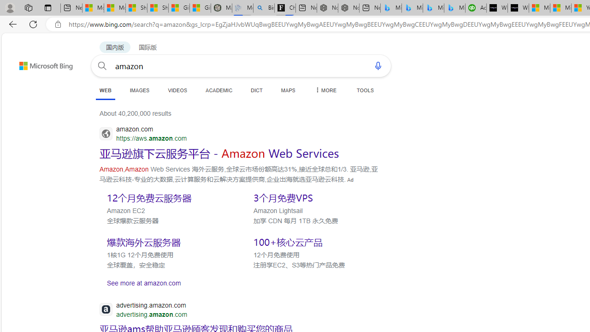  Describe the element at coordinates (177, 90) in the screenshot. I see `'VIDEOS'` at that location.